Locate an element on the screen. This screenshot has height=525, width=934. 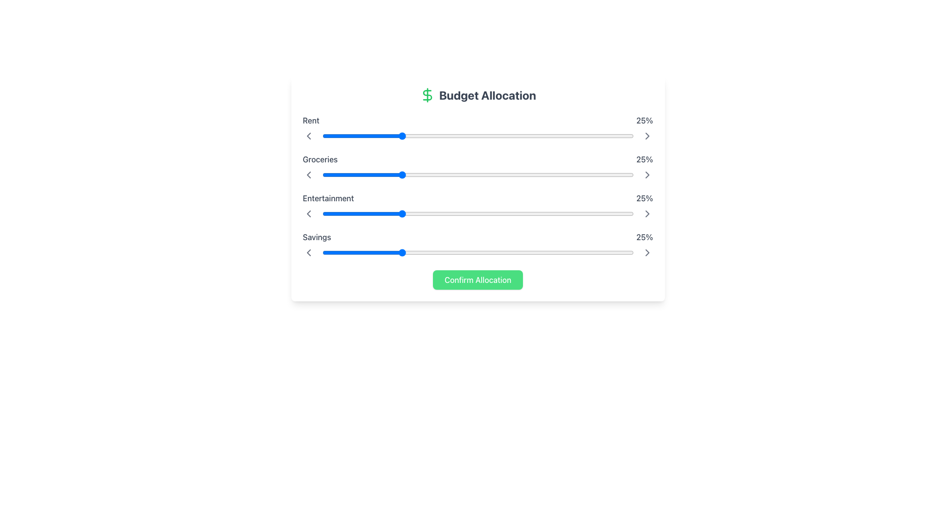
the slider value is located at coordinates (397, 252).